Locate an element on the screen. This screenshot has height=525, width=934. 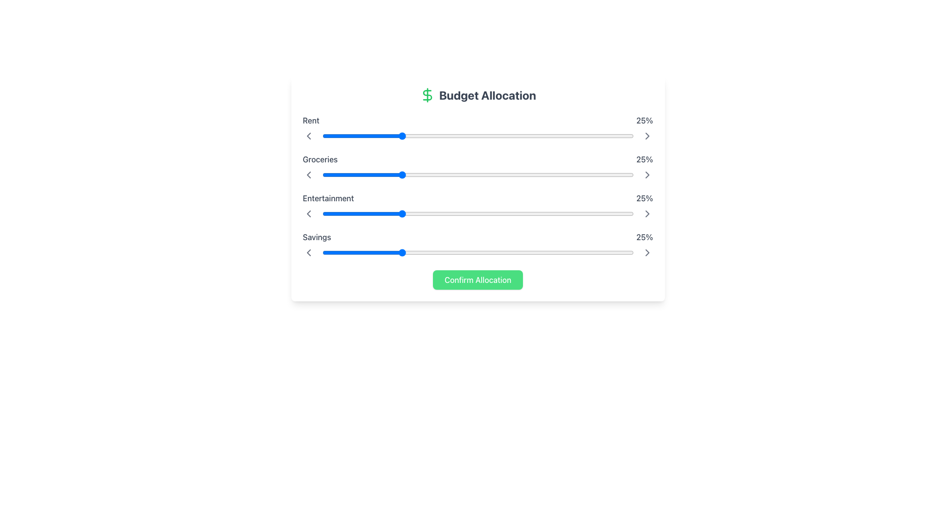
the slider value is located at coordinates (397, 252).